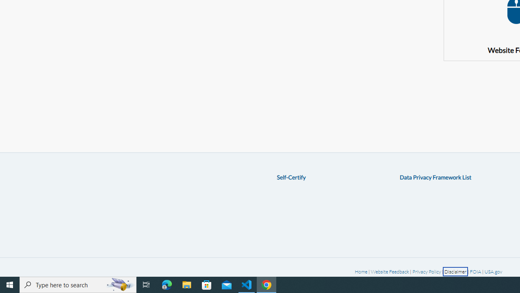 The height and width of the screenshot is (293, 520). What do you see at coordinates (455, 271) in the screenshot?
I see `'Disclaimer'` at bounding box center [455, 271].